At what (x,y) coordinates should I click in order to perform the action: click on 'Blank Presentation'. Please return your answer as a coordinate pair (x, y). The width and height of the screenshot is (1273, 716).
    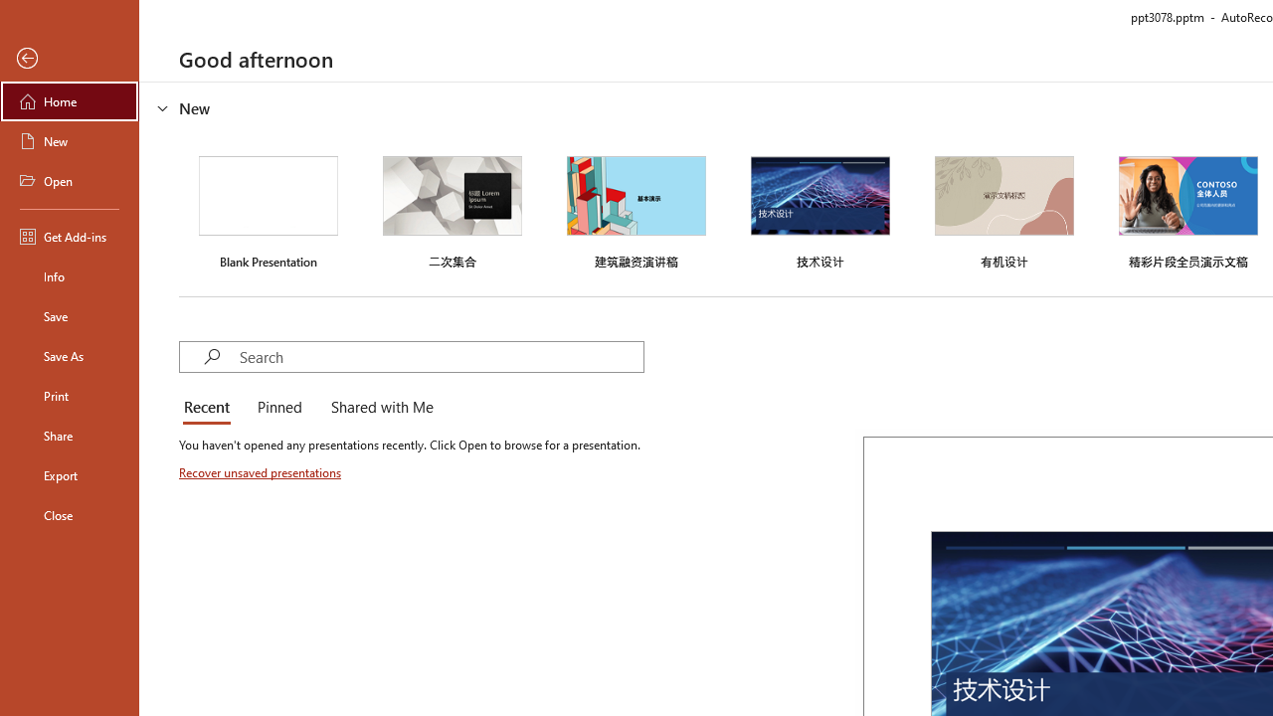
    Looking at the image, I should click on (268, 210).